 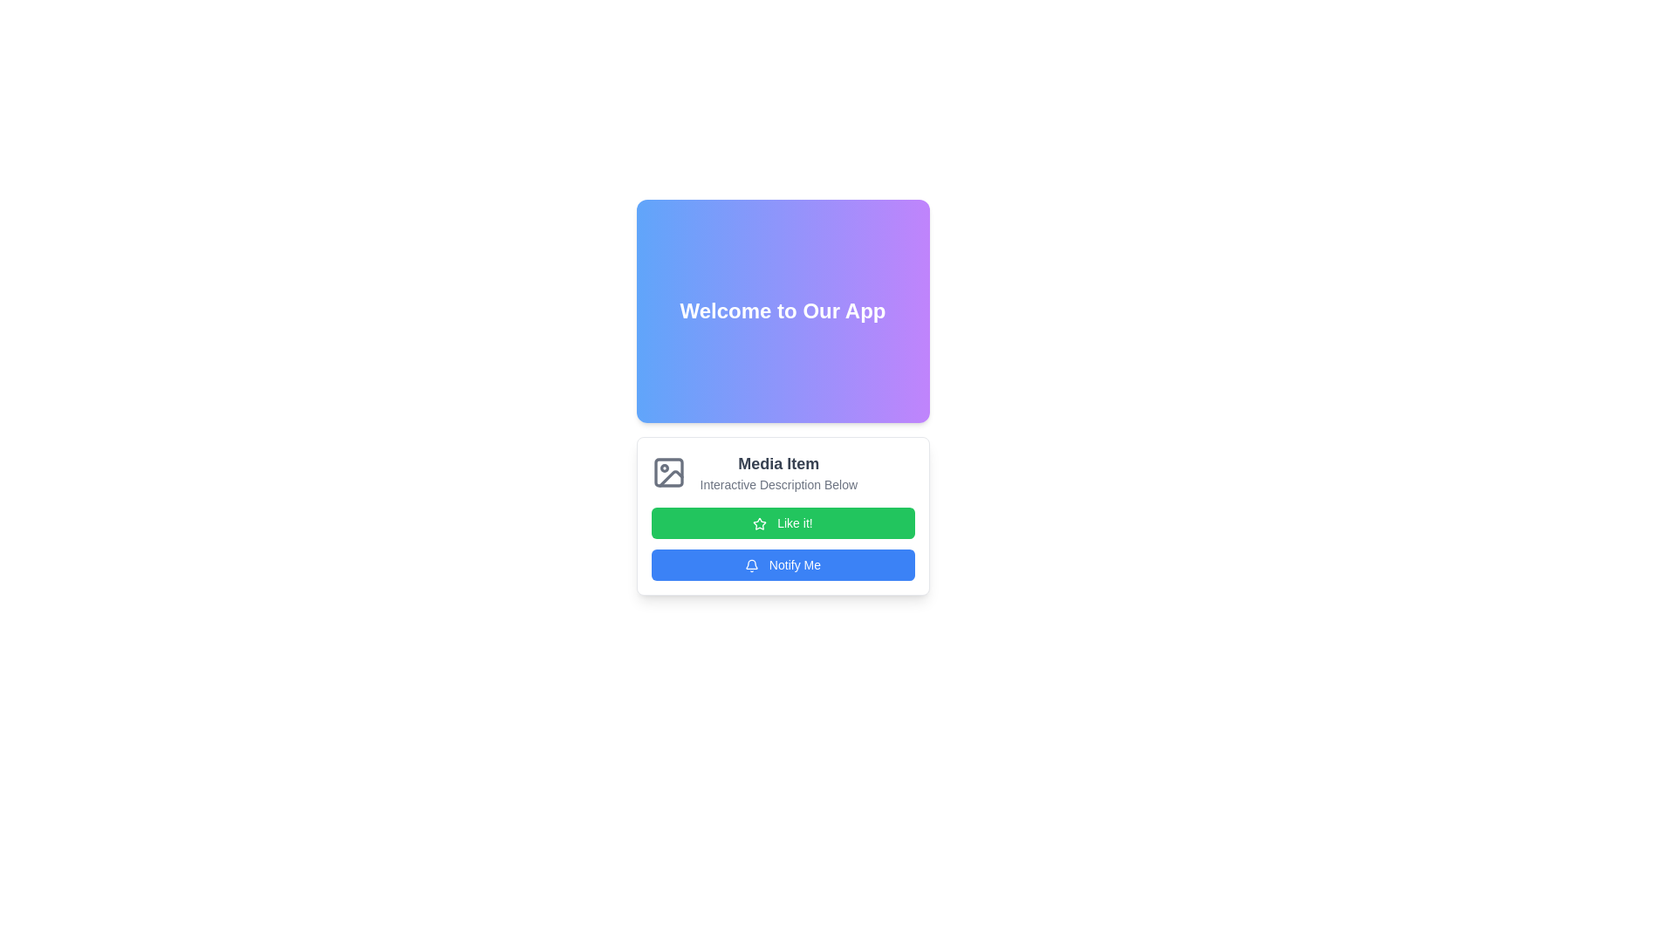 I want to click on the Static Text element displaying 'Interactive Description Below', which is located below the 'Media Item' title and above the buttons 'Like it!' and 'Notify Me', so click(x=777, y=484).